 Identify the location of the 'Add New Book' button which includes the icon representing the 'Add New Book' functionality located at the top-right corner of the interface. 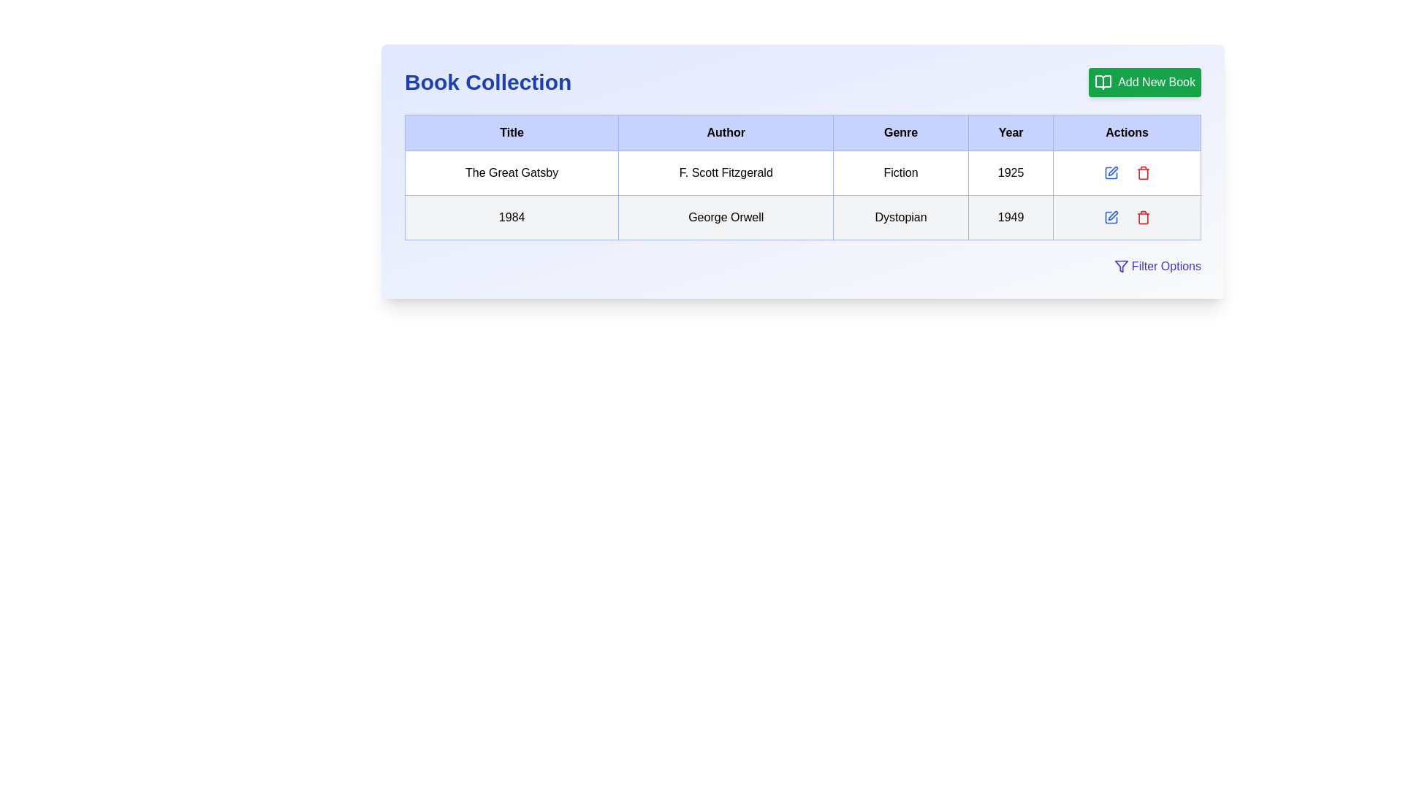
(1103, 82).